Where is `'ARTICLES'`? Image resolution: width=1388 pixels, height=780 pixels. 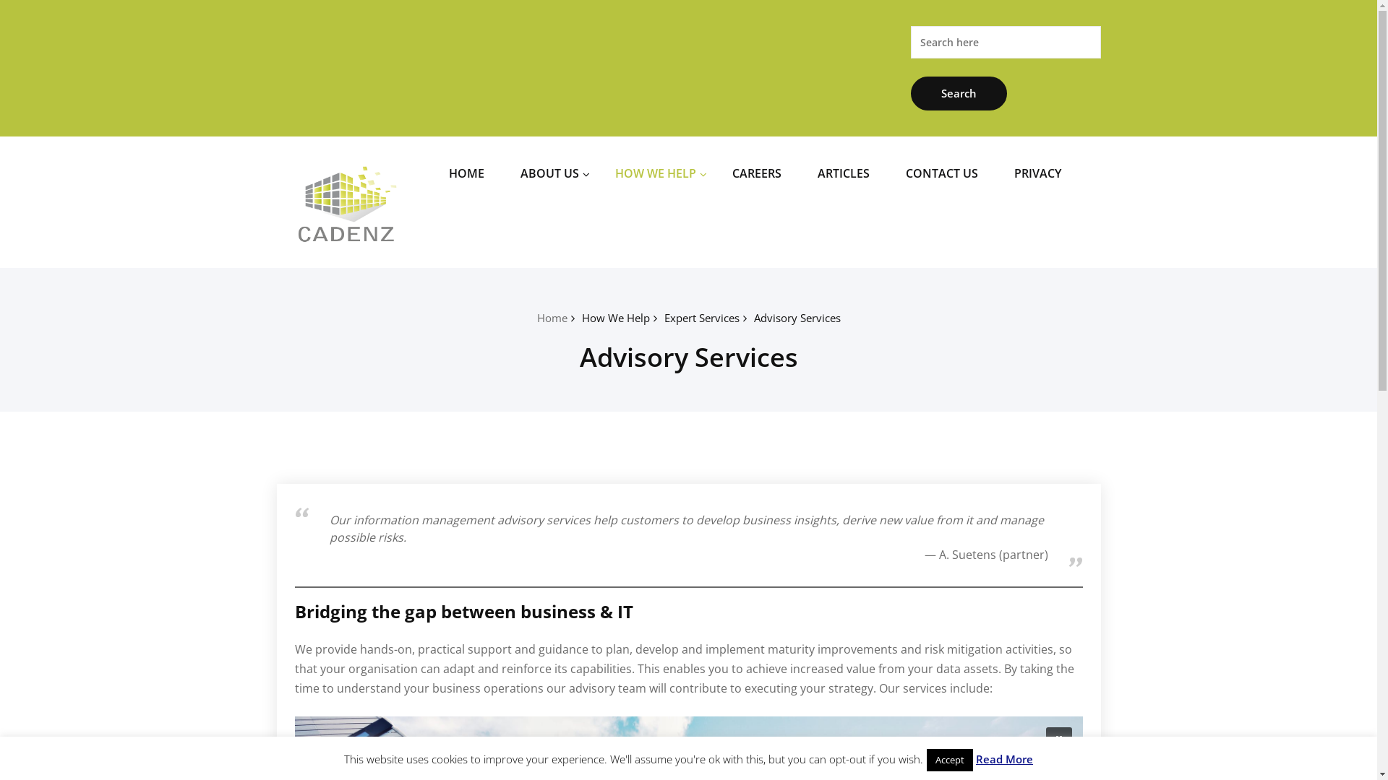
'ARTICLES' is located at coordinates (843, 172).